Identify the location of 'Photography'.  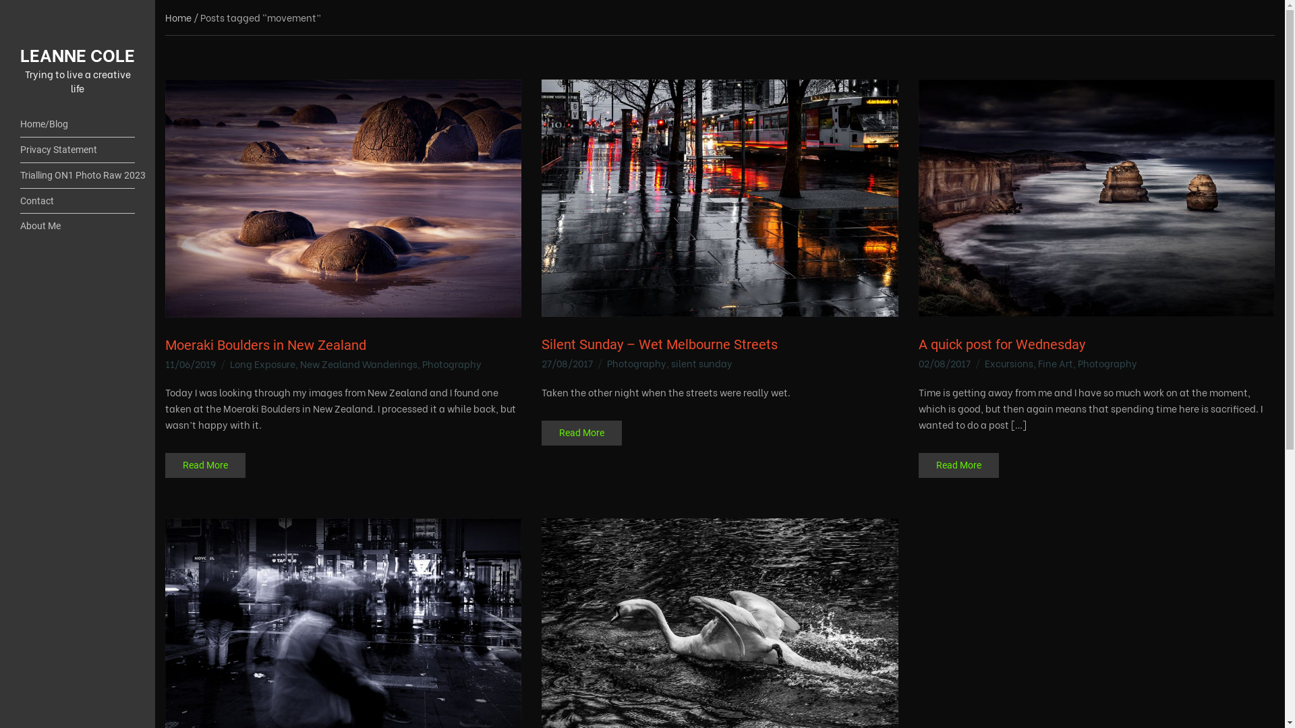
(636, 362).